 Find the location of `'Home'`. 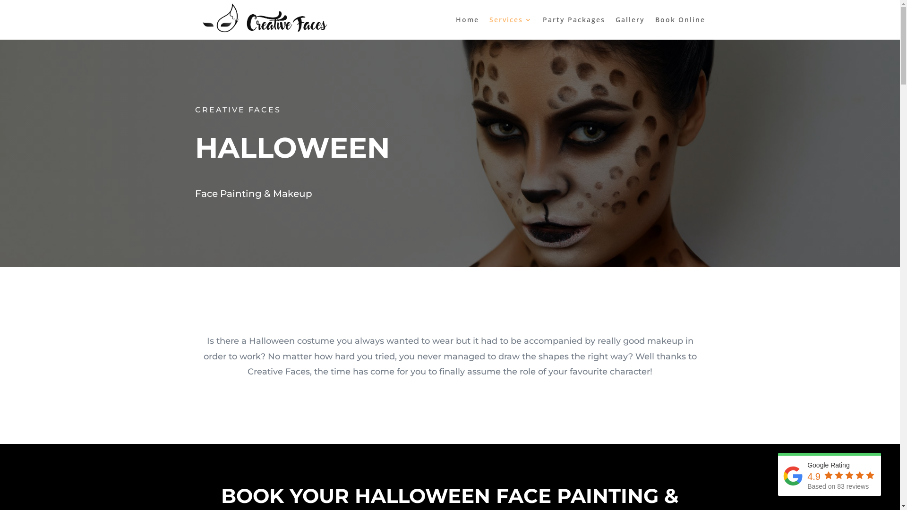

'Home' is located at coordinates (467, 27).